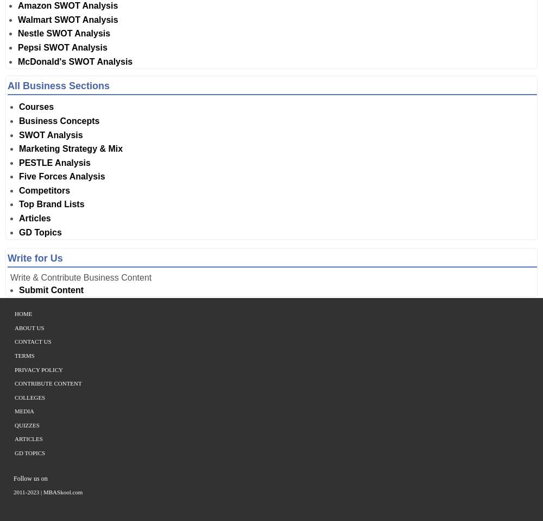 The width and height of the screenshot is (543, 521). Describe the element at coordinates (29, 327) in the screenshot. I see `'About Us'` at that location.